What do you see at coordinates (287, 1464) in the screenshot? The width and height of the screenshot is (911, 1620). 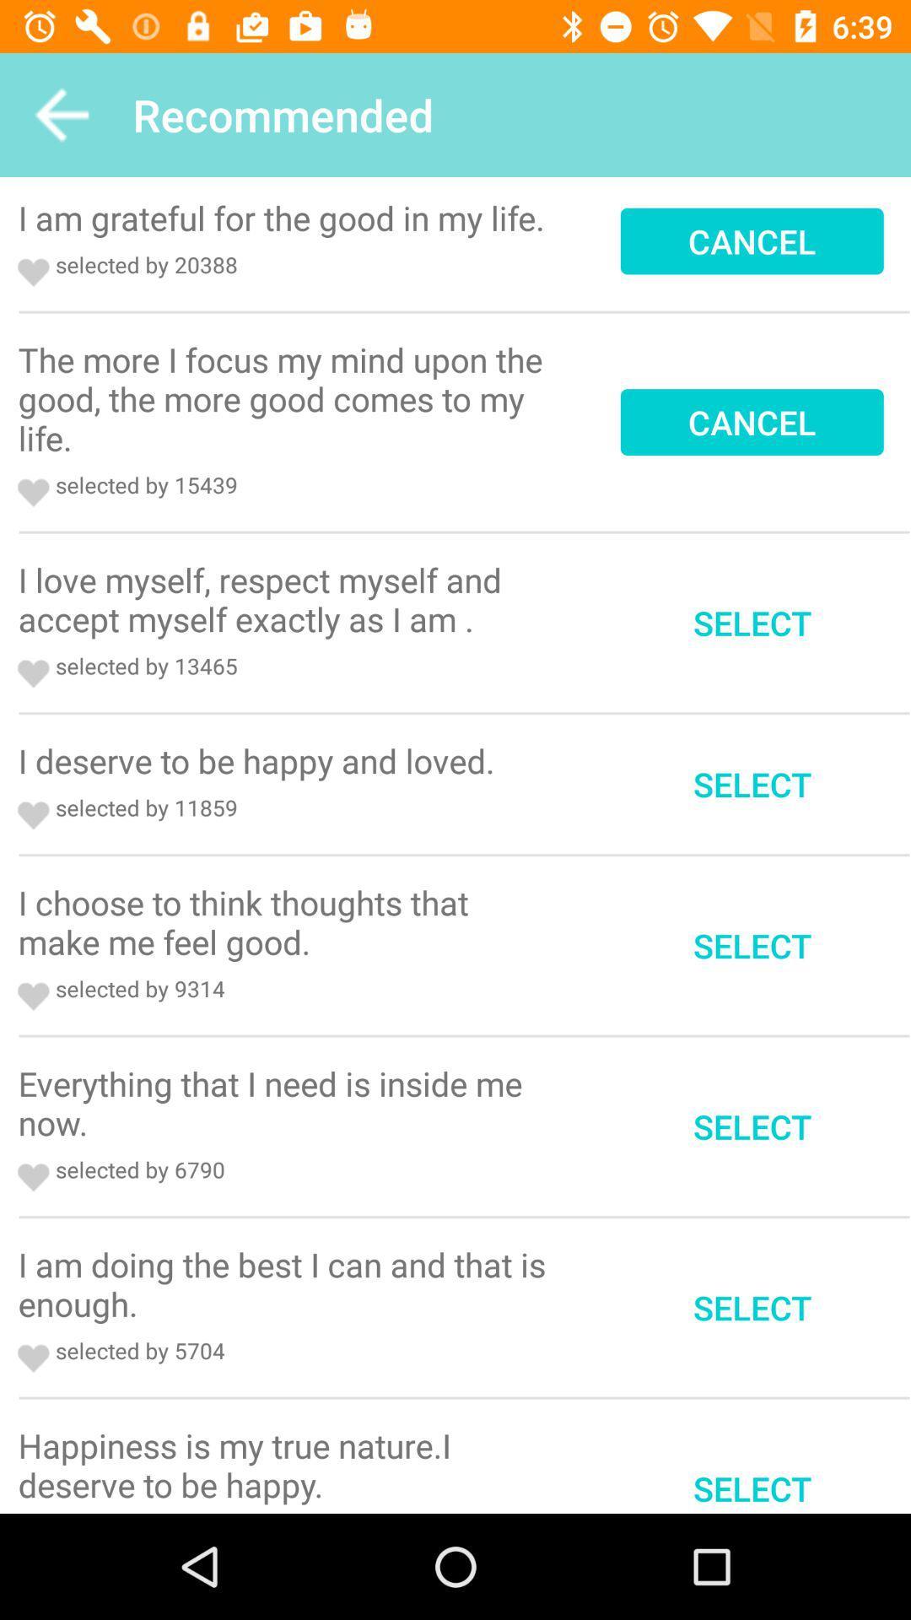 I see `the happiness is my item` at bounding box center [287, 1464].